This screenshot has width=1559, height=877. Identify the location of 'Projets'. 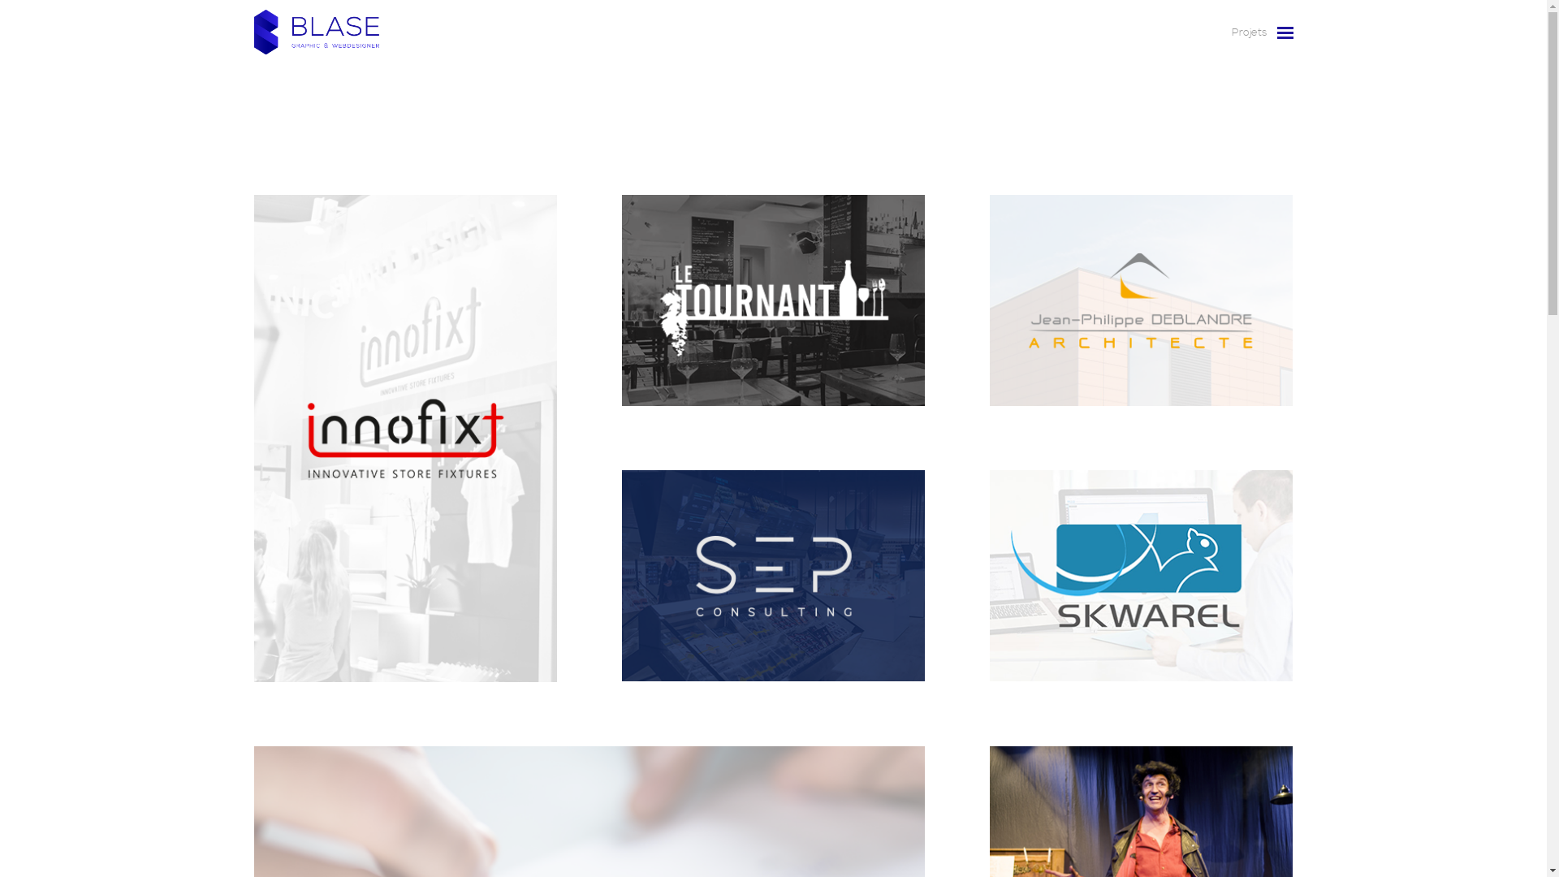
(1243, 32).